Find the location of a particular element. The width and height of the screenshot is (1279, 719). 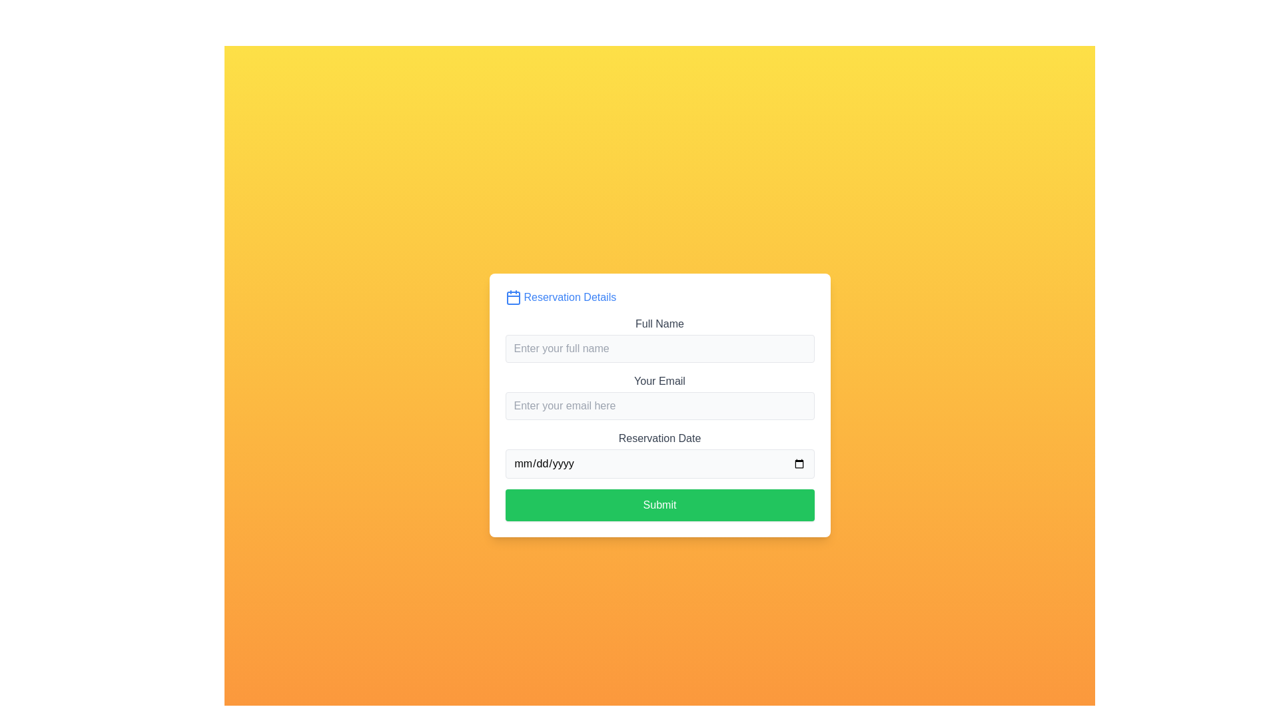

the date input field located in the 'Reservation Details' section is located at coordinates (659, 463).